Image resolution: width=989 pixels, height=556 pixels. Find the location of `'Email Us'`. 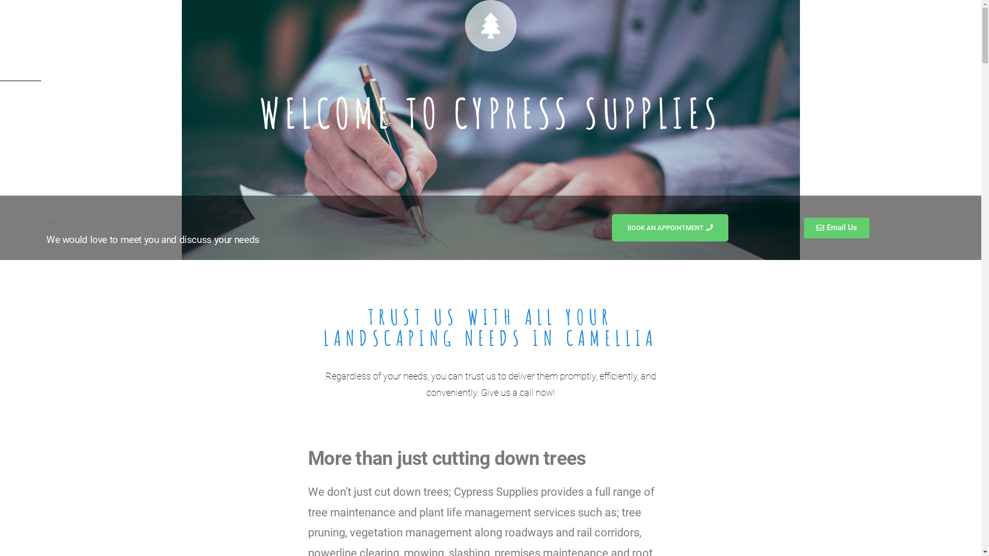

'Email Us' is located at coordinates (837, 228).